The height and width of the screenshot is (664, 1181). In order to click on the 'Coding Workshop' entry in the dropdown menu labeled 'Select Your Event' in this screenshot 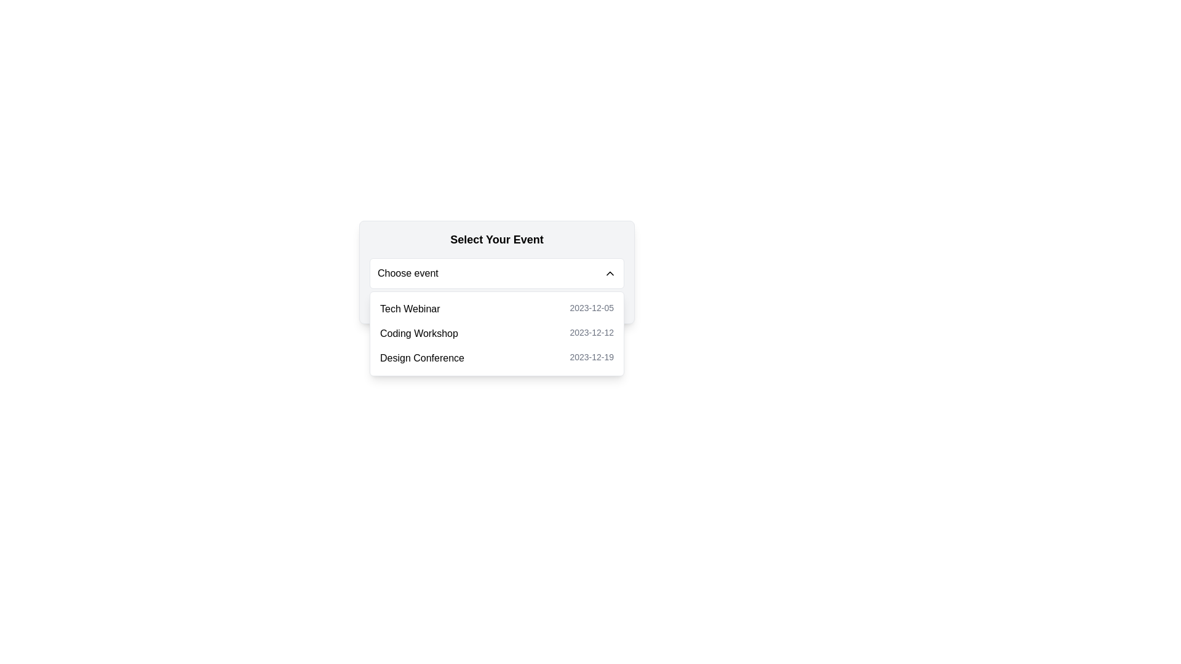, I will do `click(419, 334)`.